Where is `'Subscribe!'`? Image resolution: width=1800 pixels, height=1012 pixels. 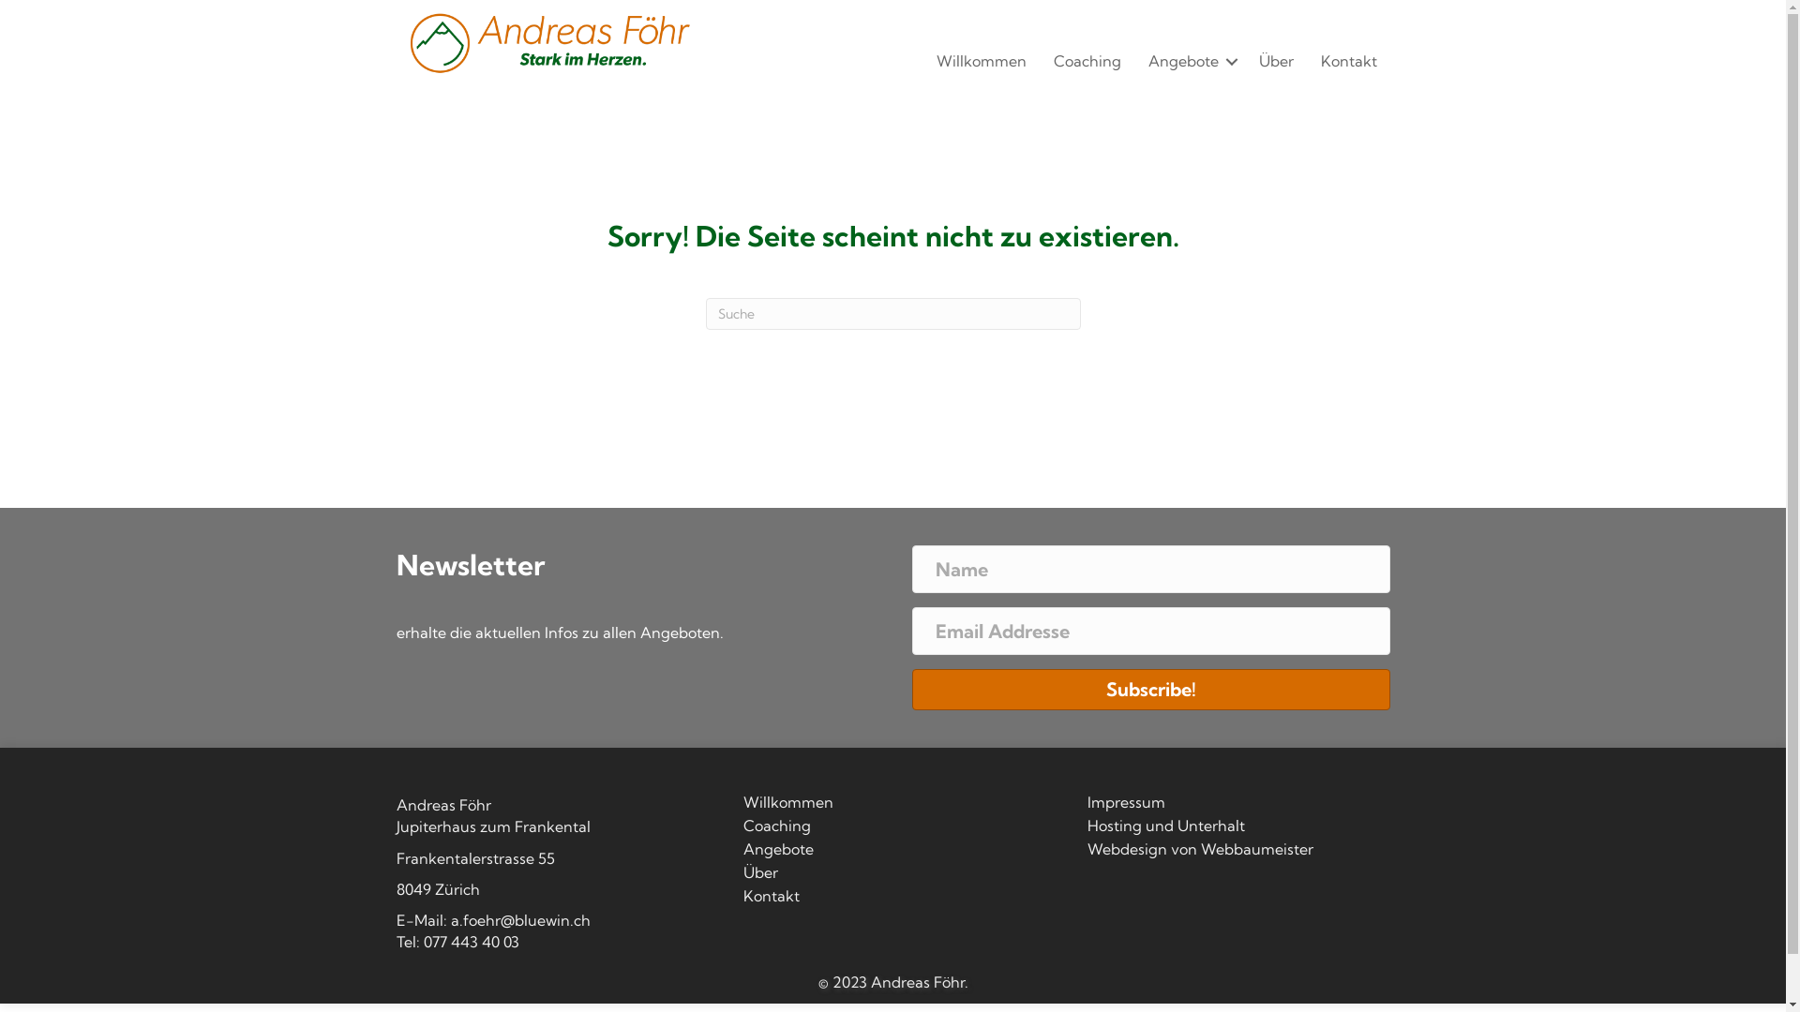
'Subscribe!' is located at coordinates (1149, 690).